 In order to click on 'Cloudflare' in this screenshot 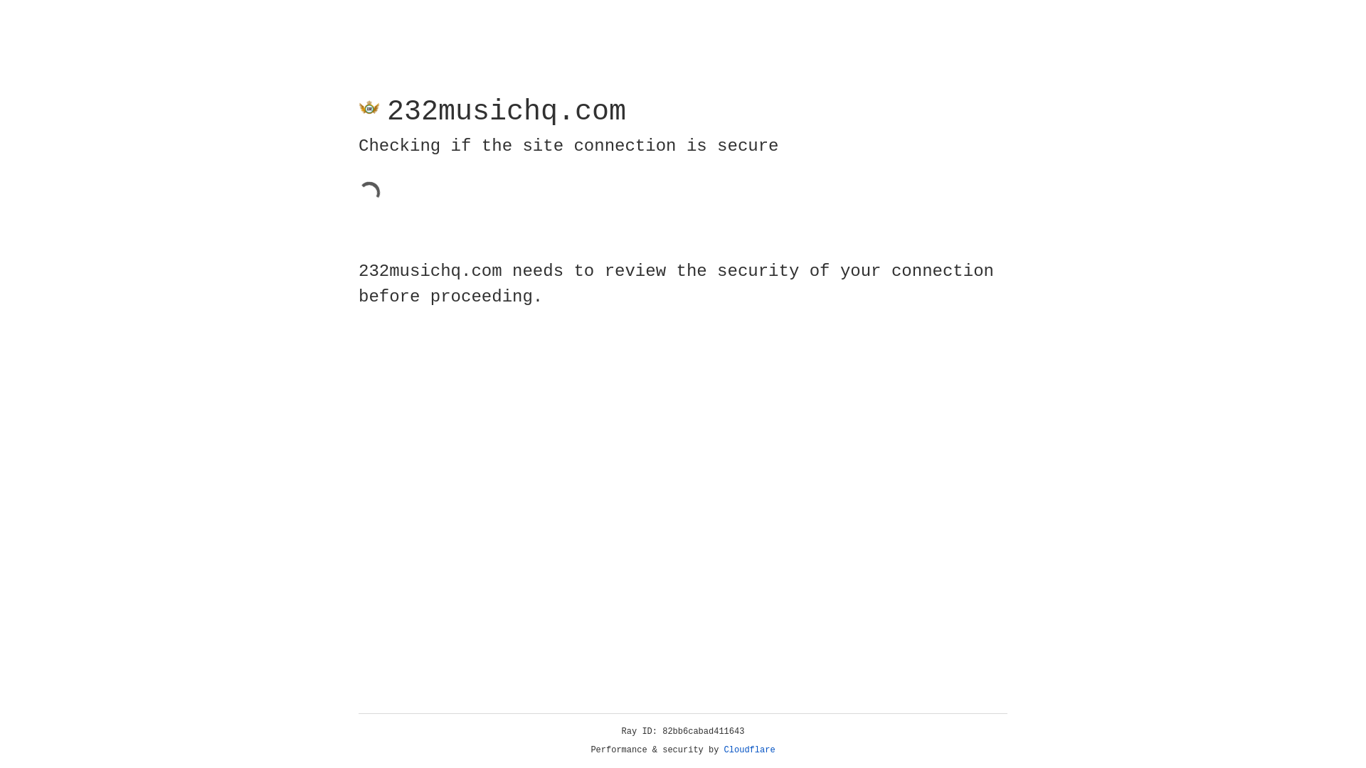, I will do `click(749, 750)`.